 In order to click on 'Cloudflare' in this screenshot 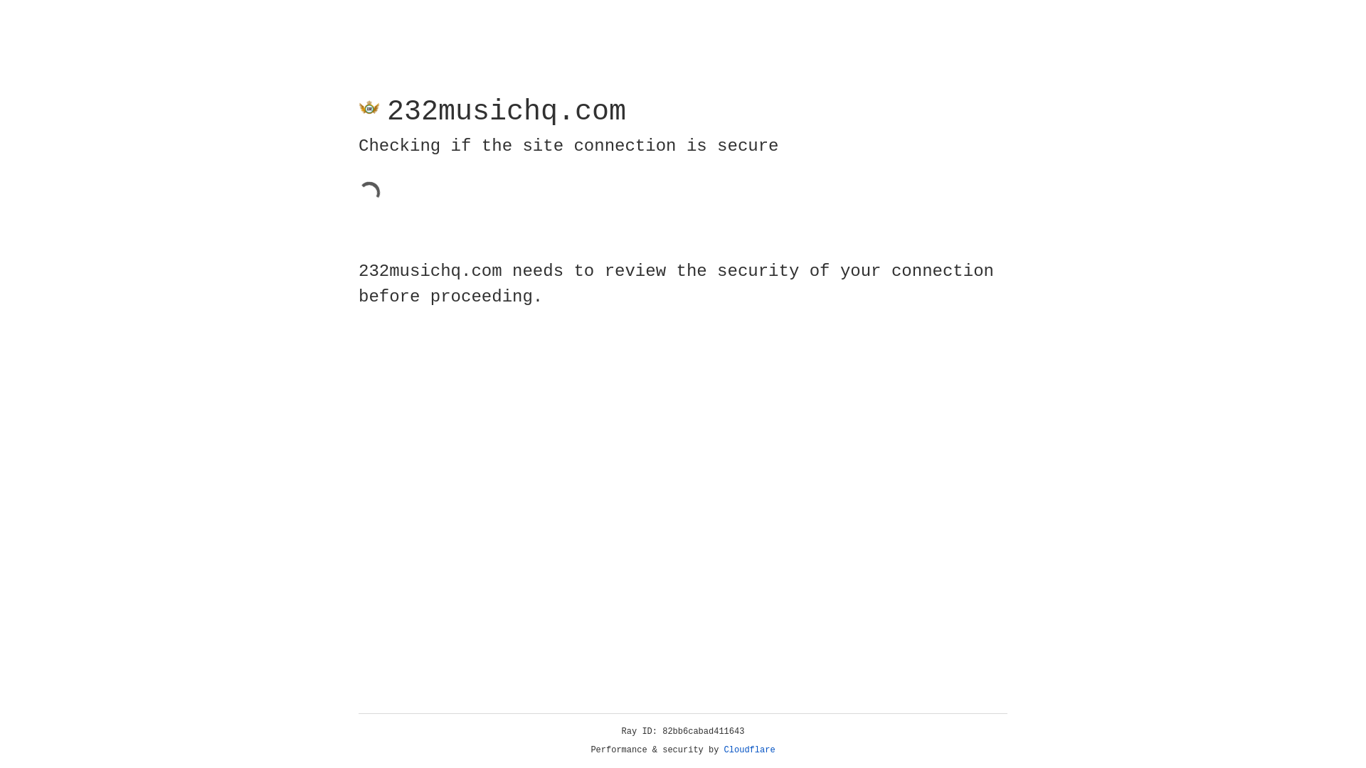, I will do `click(749, 750)`.